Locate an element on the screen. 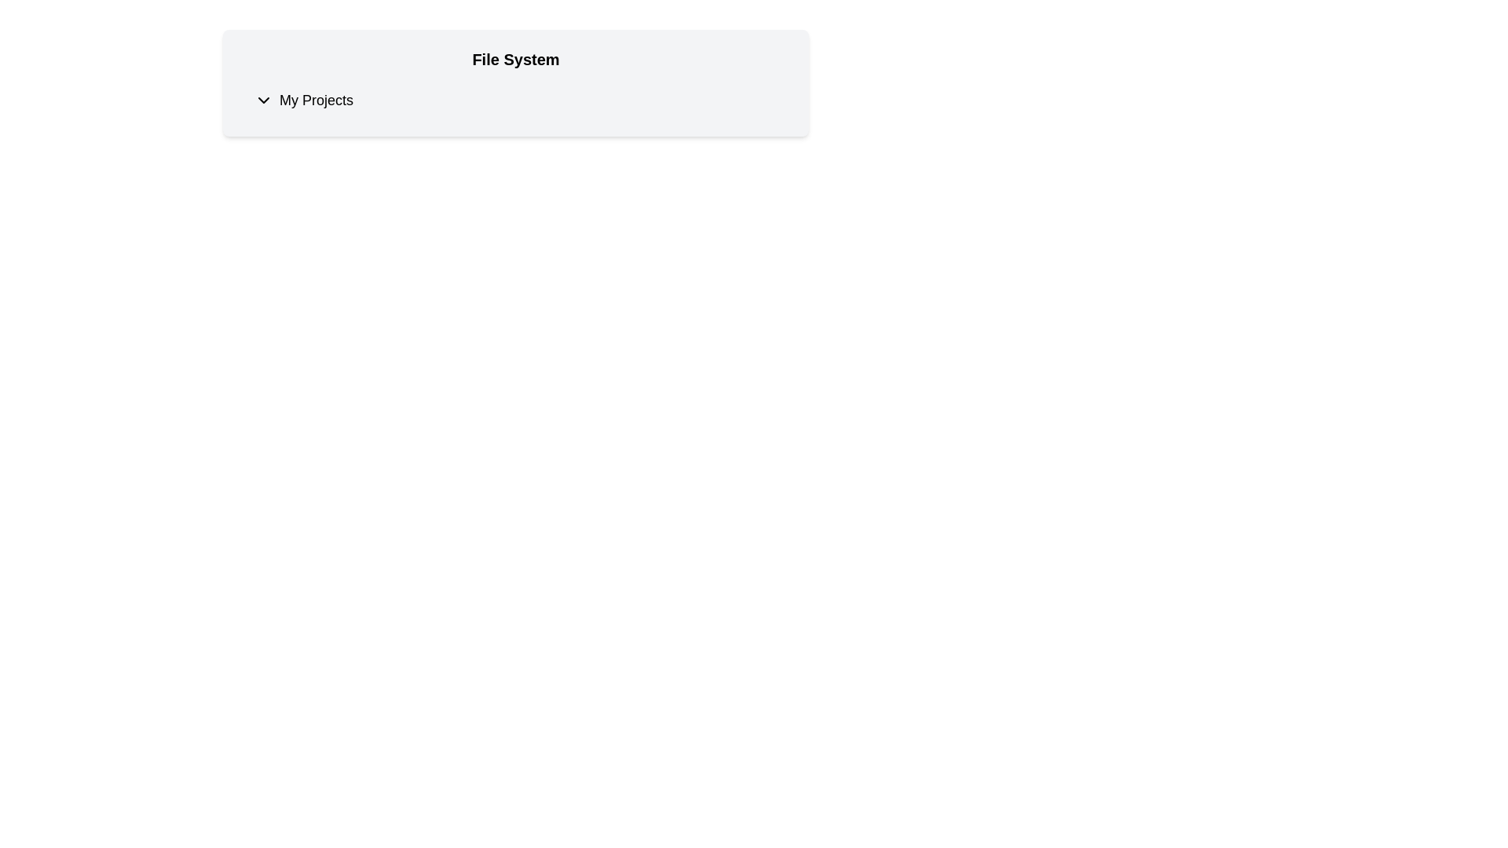 The width and height of the screenshot is (1508, 848). the Chevron icon located at the top-left corner of the layout is located at coordinates (264, 100).